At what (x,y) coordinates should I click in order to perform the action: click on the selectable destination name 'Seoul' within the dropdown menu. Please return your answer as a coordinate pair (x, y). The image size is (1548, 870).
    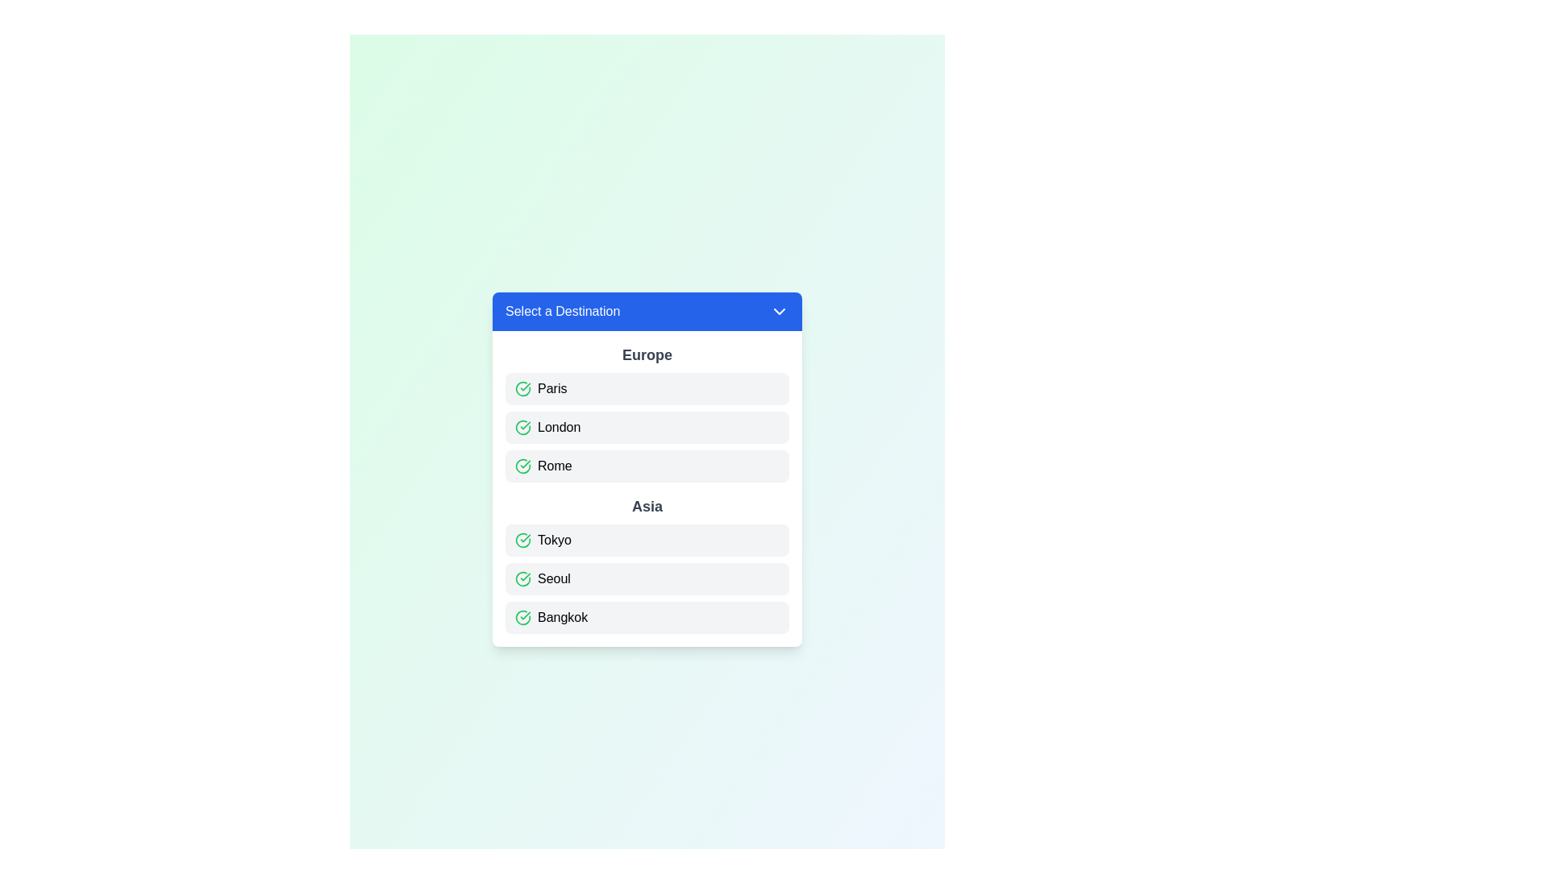
    Looking at the image, I should click on (554, 578).